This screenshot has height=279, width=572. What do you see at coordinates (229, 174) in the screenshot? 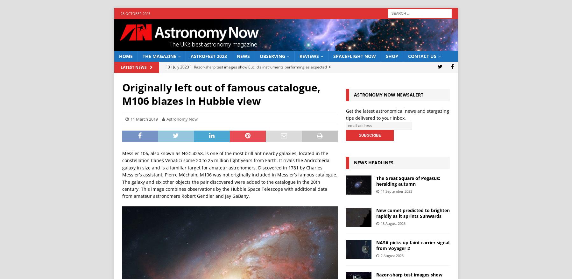
I see `'Messier 106, also known as NGC 4258, is one of the most brilliant nearby galaxies, located in the constellation Canes Venatici some 20 to 25 million light years from Earth. It rivals the Andromeda galaxy in size and is a familiar target for amateur astronomers. Discovered in 1781 by Charles Messier’s assistant, Pierre Méchain, M106 was not originally included in Messier’s famous catalogue. The galaxy and six other objects the pair discovered were added to the catalogue in the 20th century. This image combines observations by the Hubble Space Telescope with additional data from amateur astronomers Robert Gendler and Jay GaBany.'` at bounding box center [229, 174].